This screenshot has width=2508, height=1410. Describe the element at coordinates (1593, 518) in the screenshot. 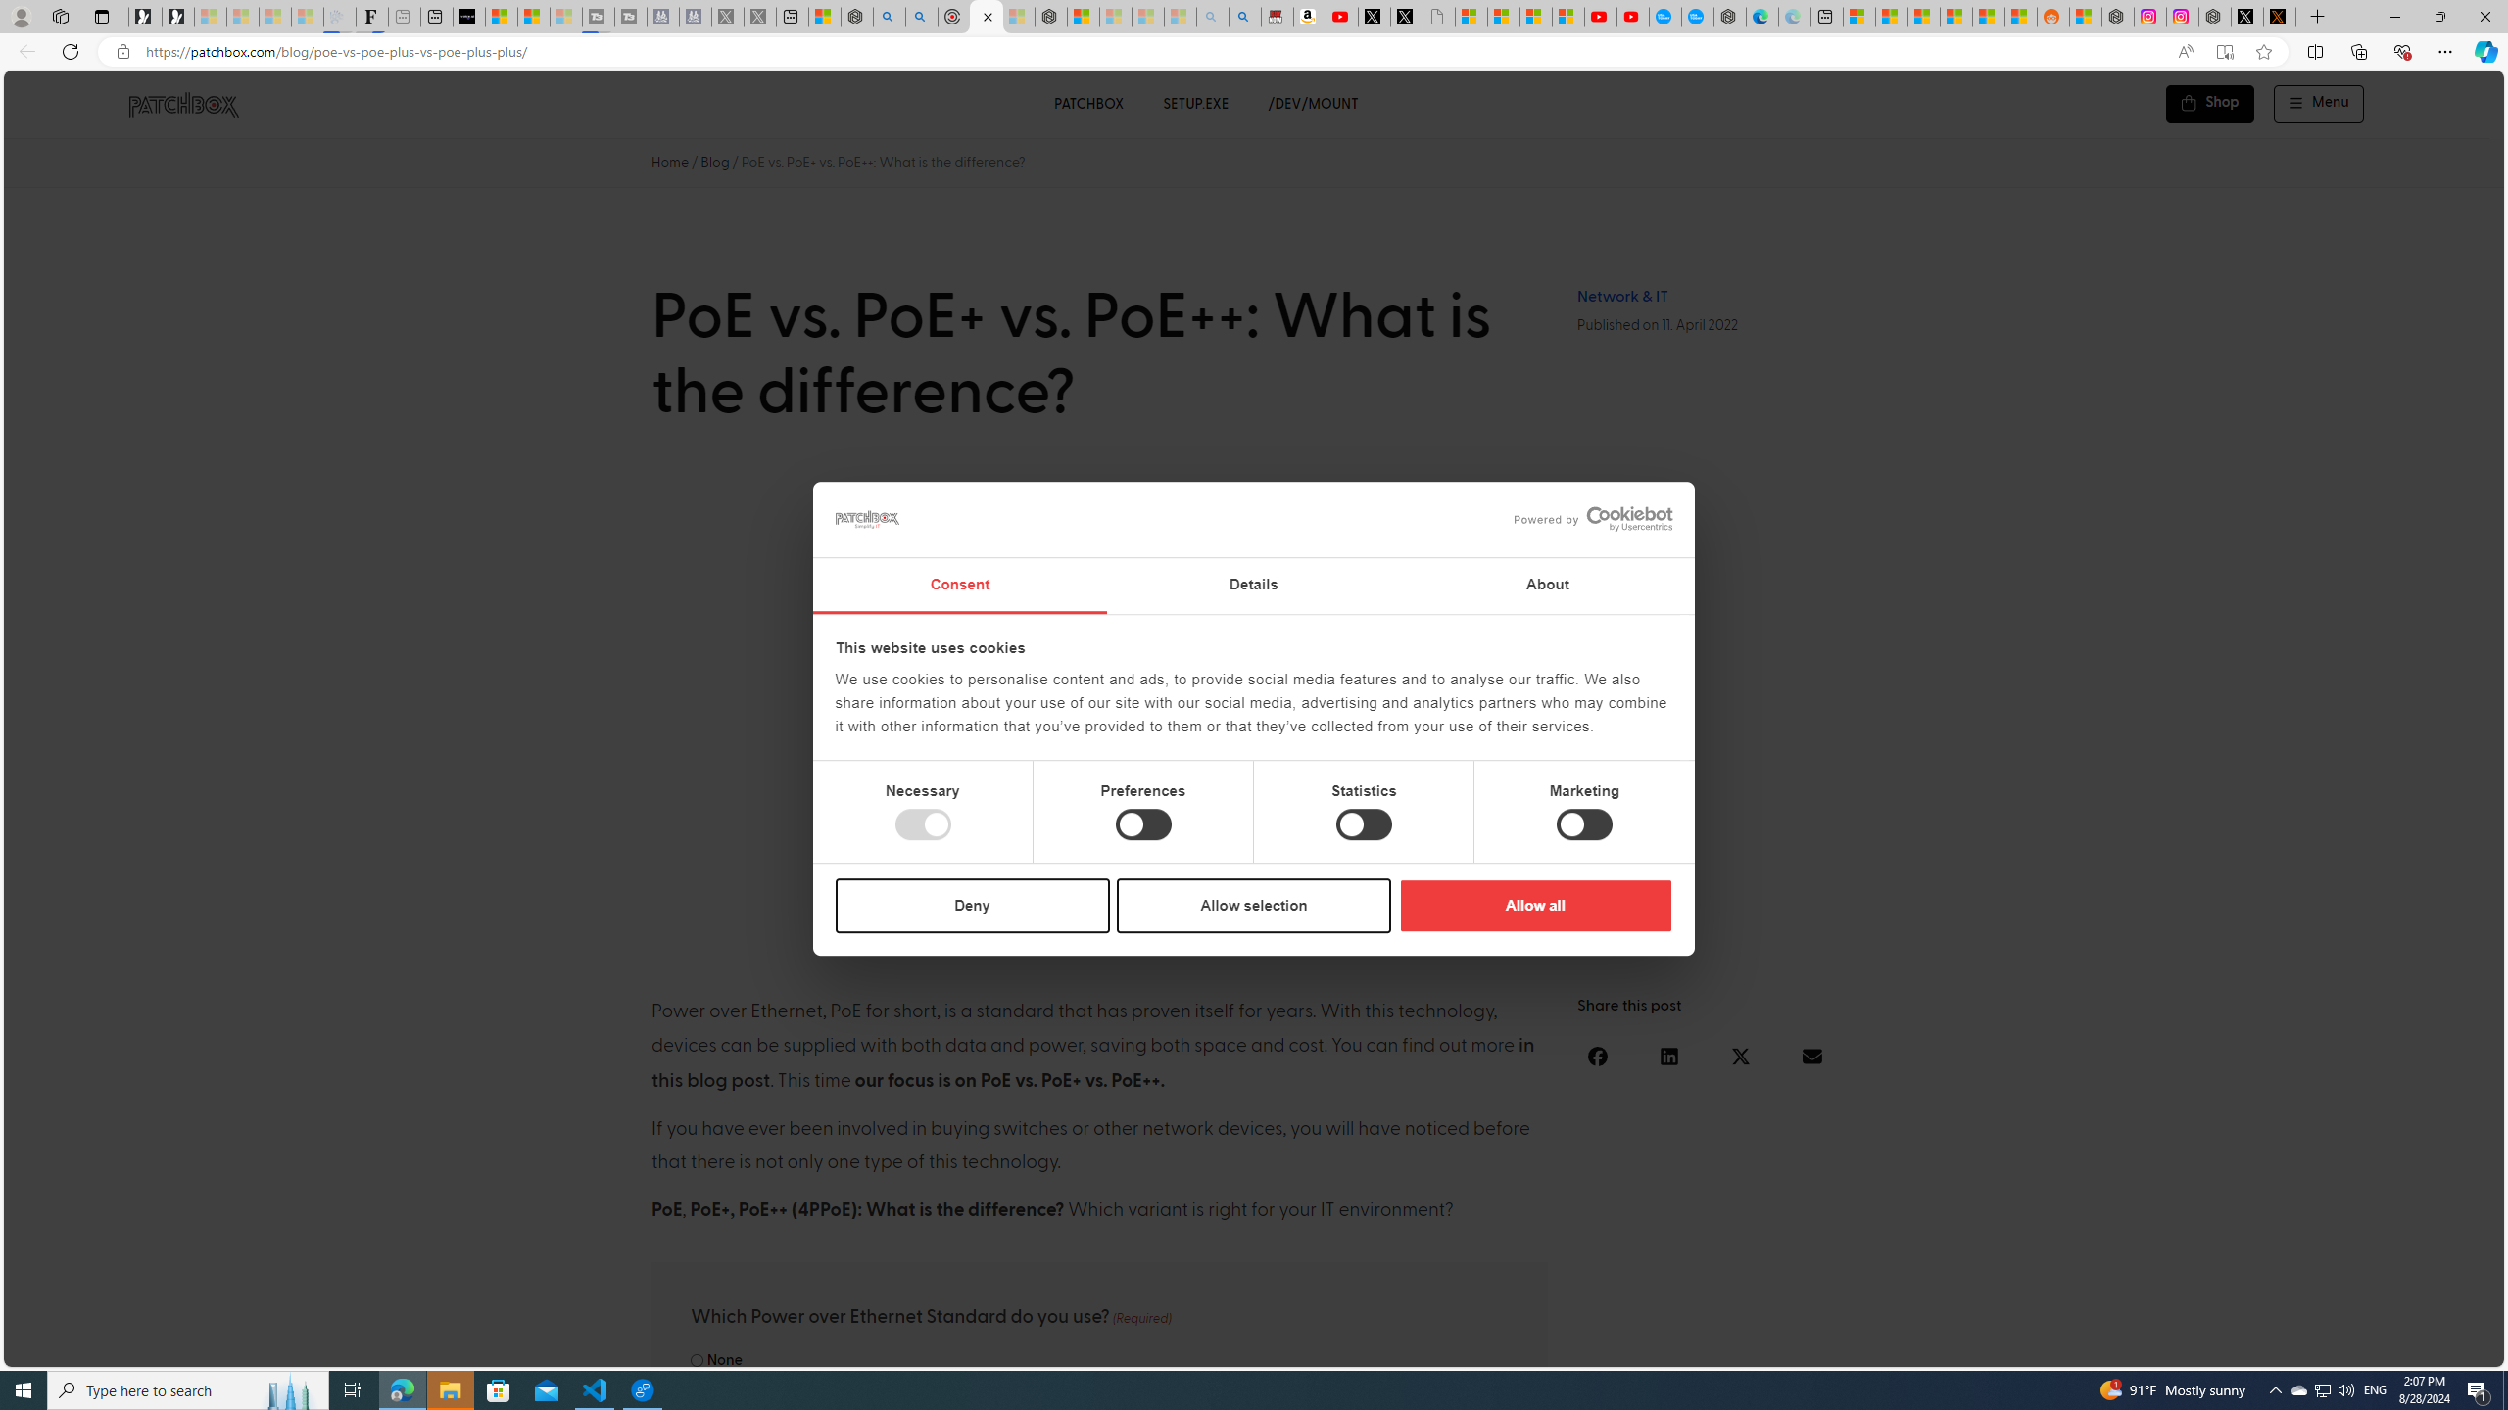

I see `'Powered by Cookiebot'` at that location.